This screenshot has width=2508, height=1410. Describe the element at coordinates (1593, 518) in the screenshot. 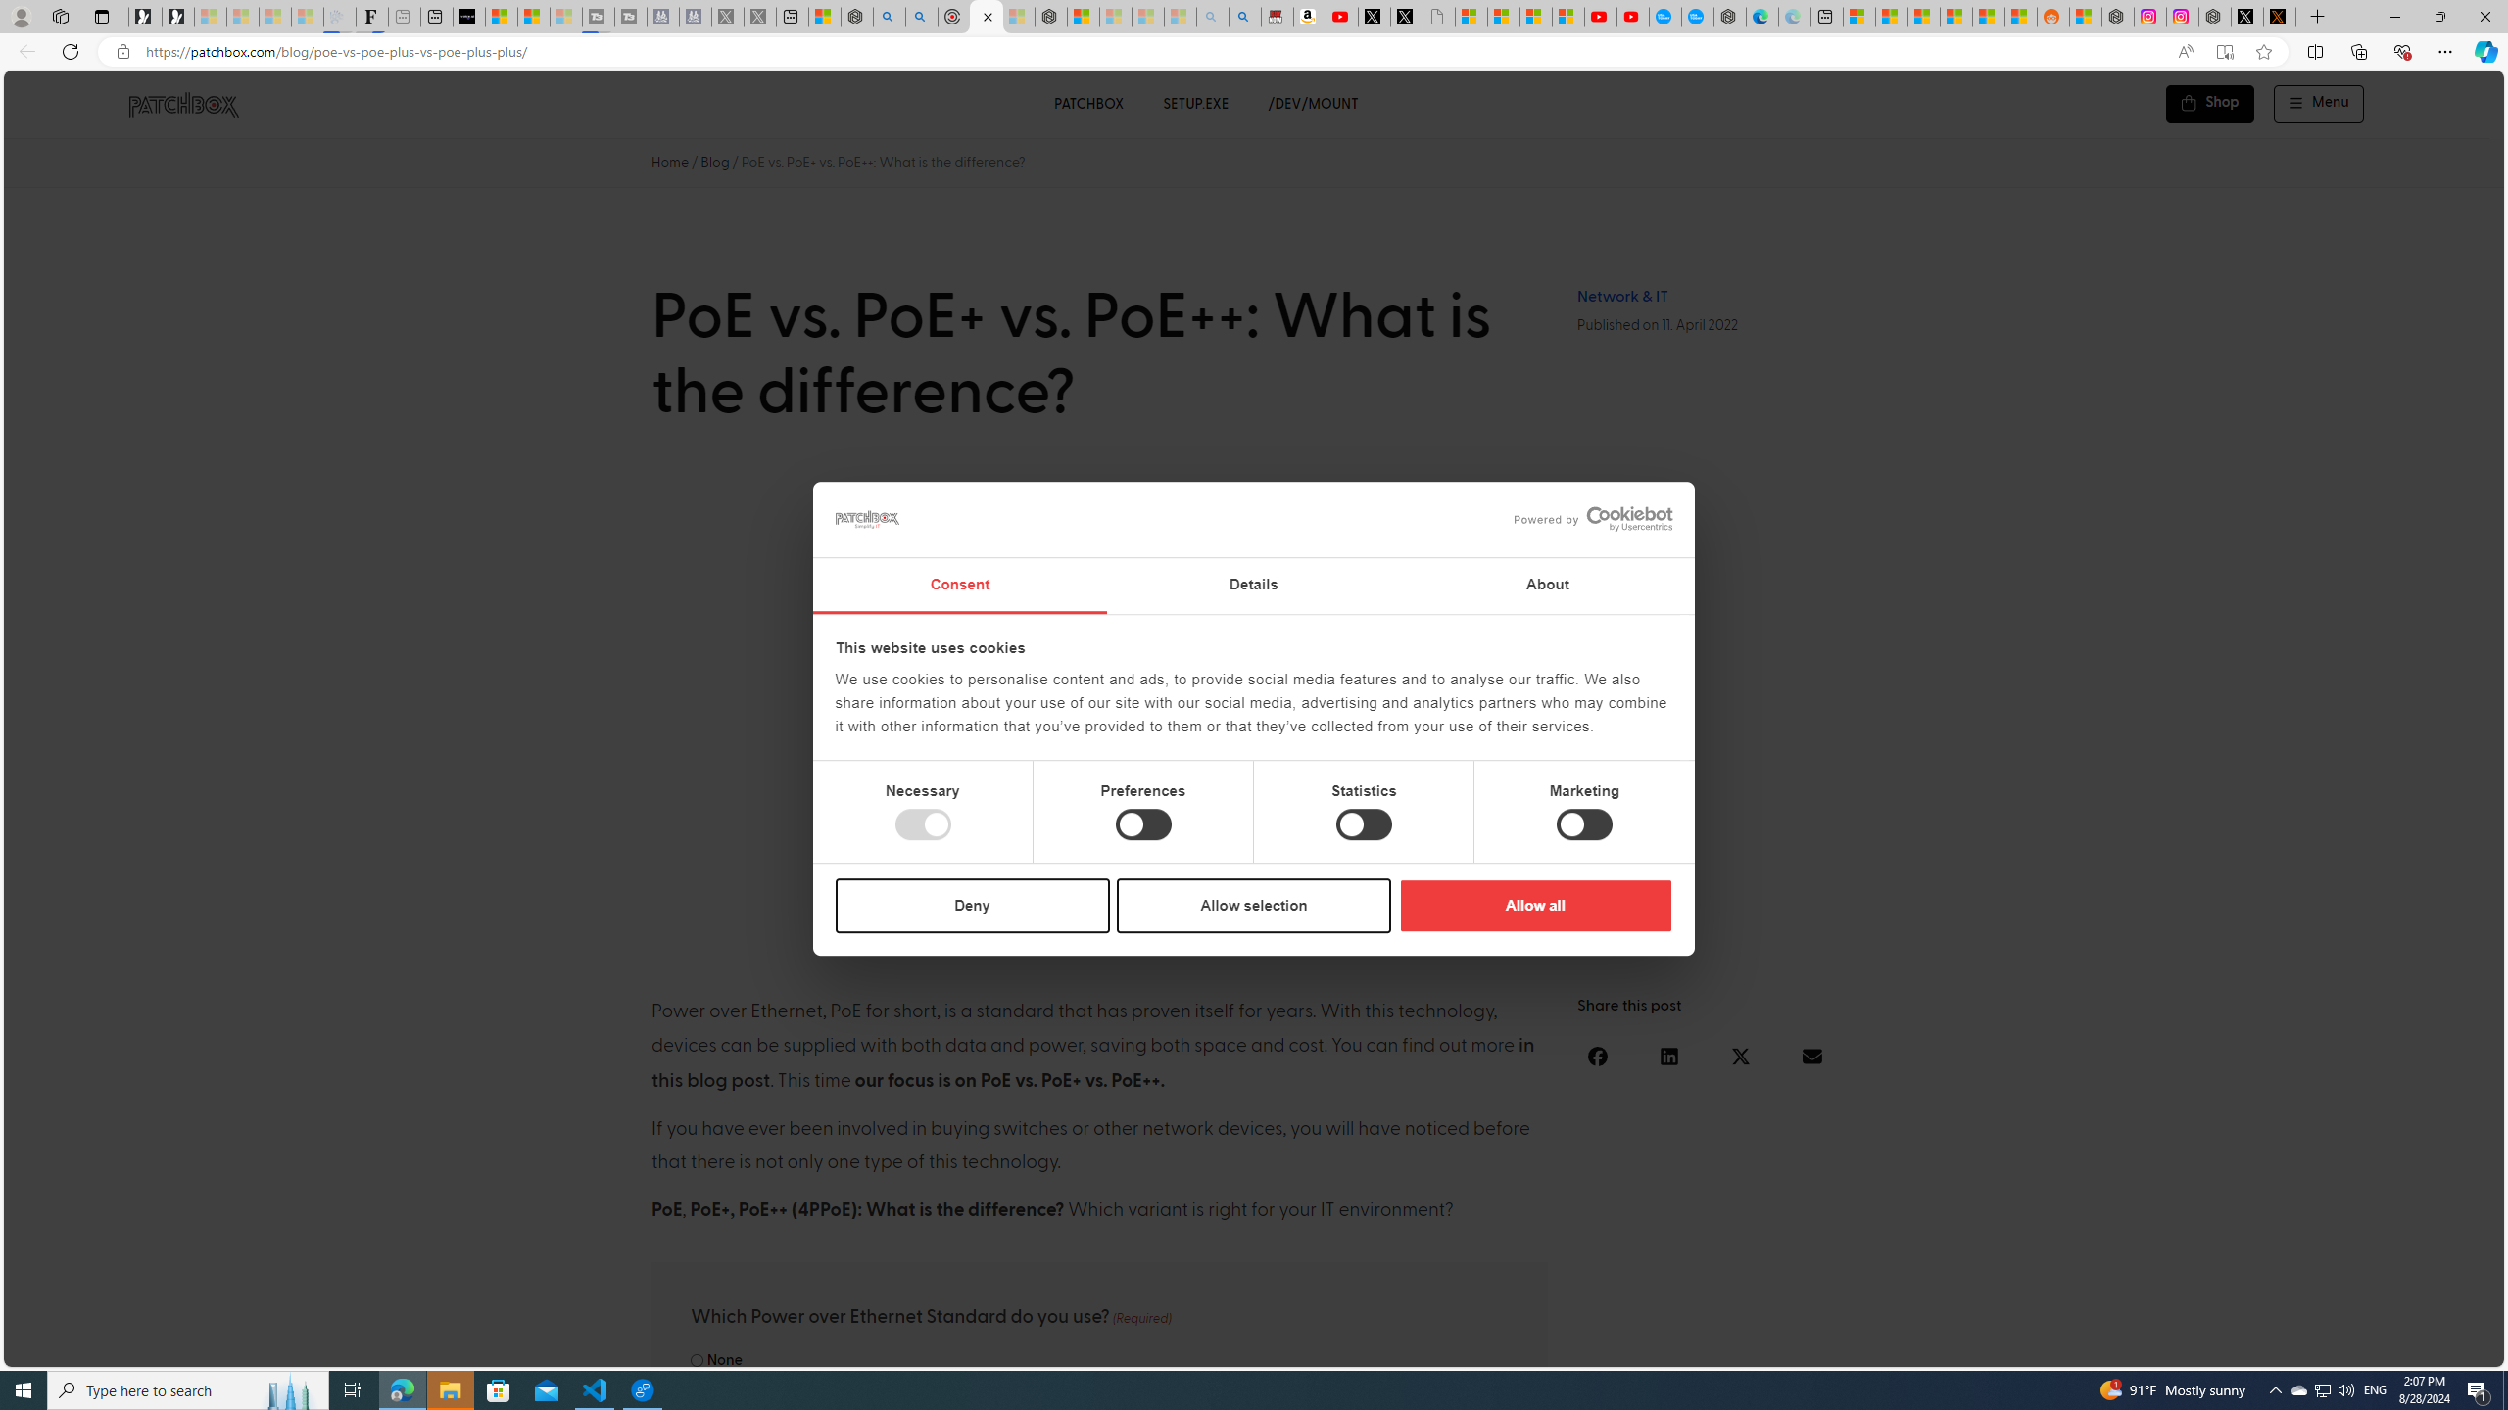

I see `'Powered by Cookiebot'` at that location.